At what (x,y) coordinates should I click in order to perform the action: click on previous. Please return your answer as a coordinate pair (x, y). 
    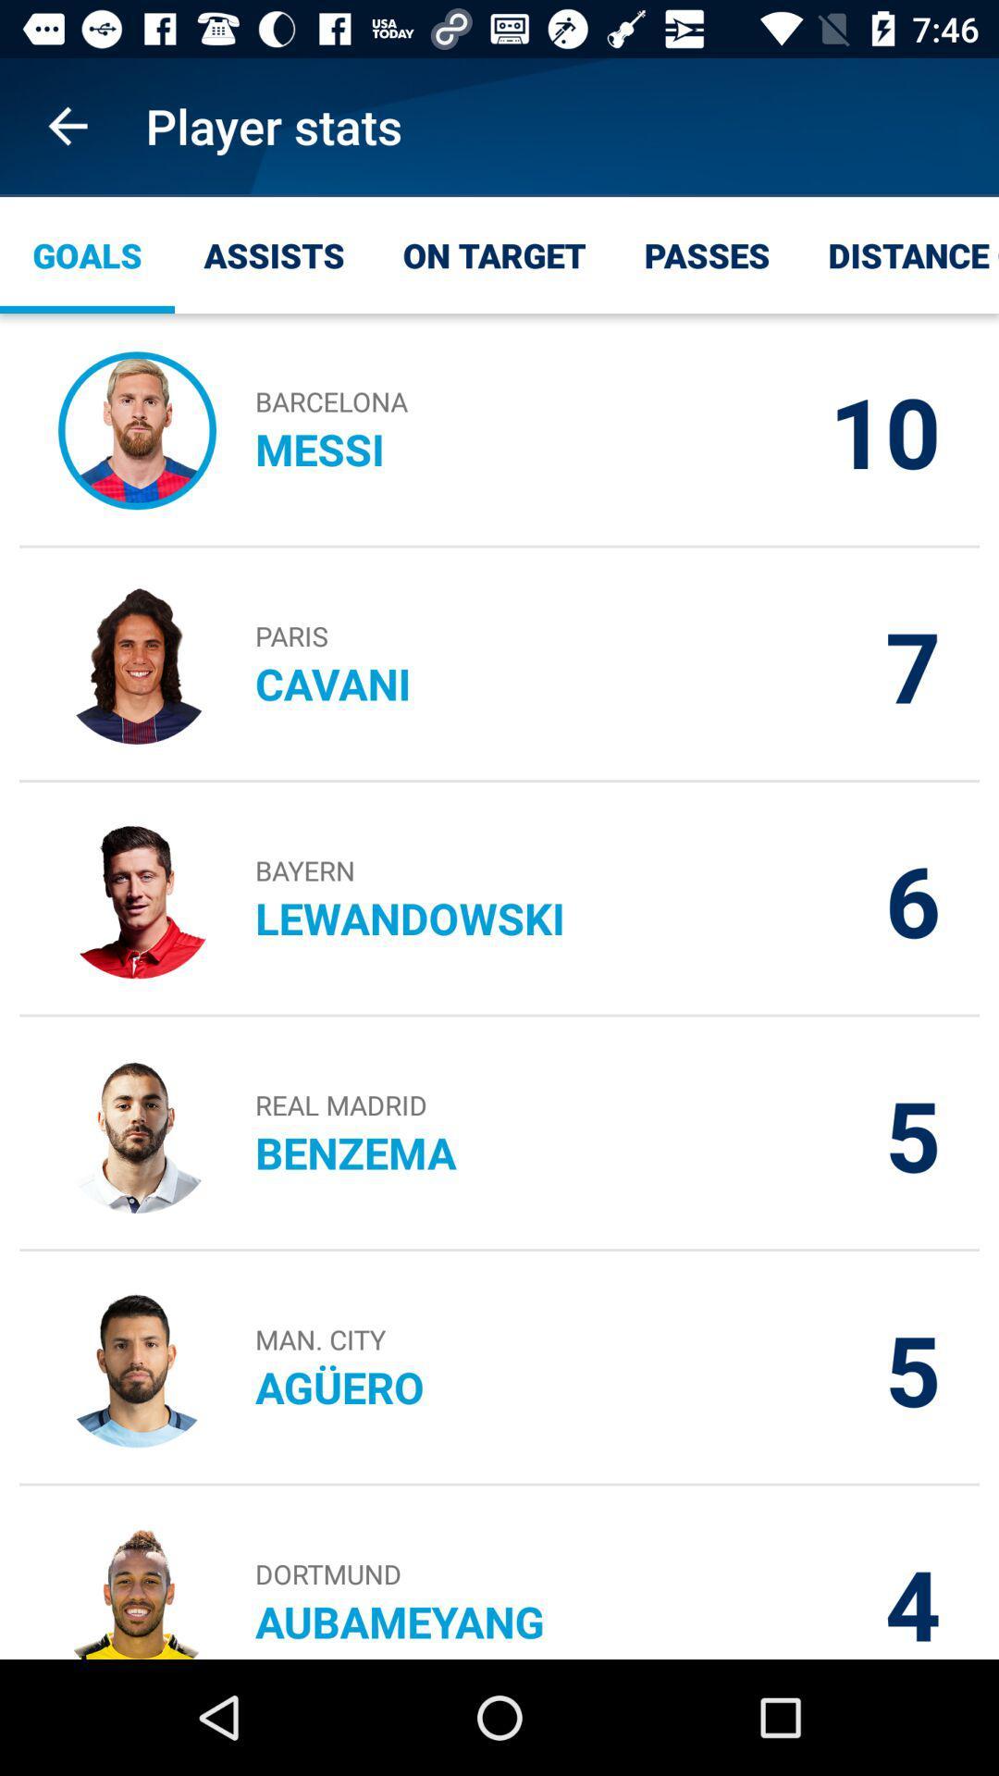
    Looking at the image, I should click on (67, 125).